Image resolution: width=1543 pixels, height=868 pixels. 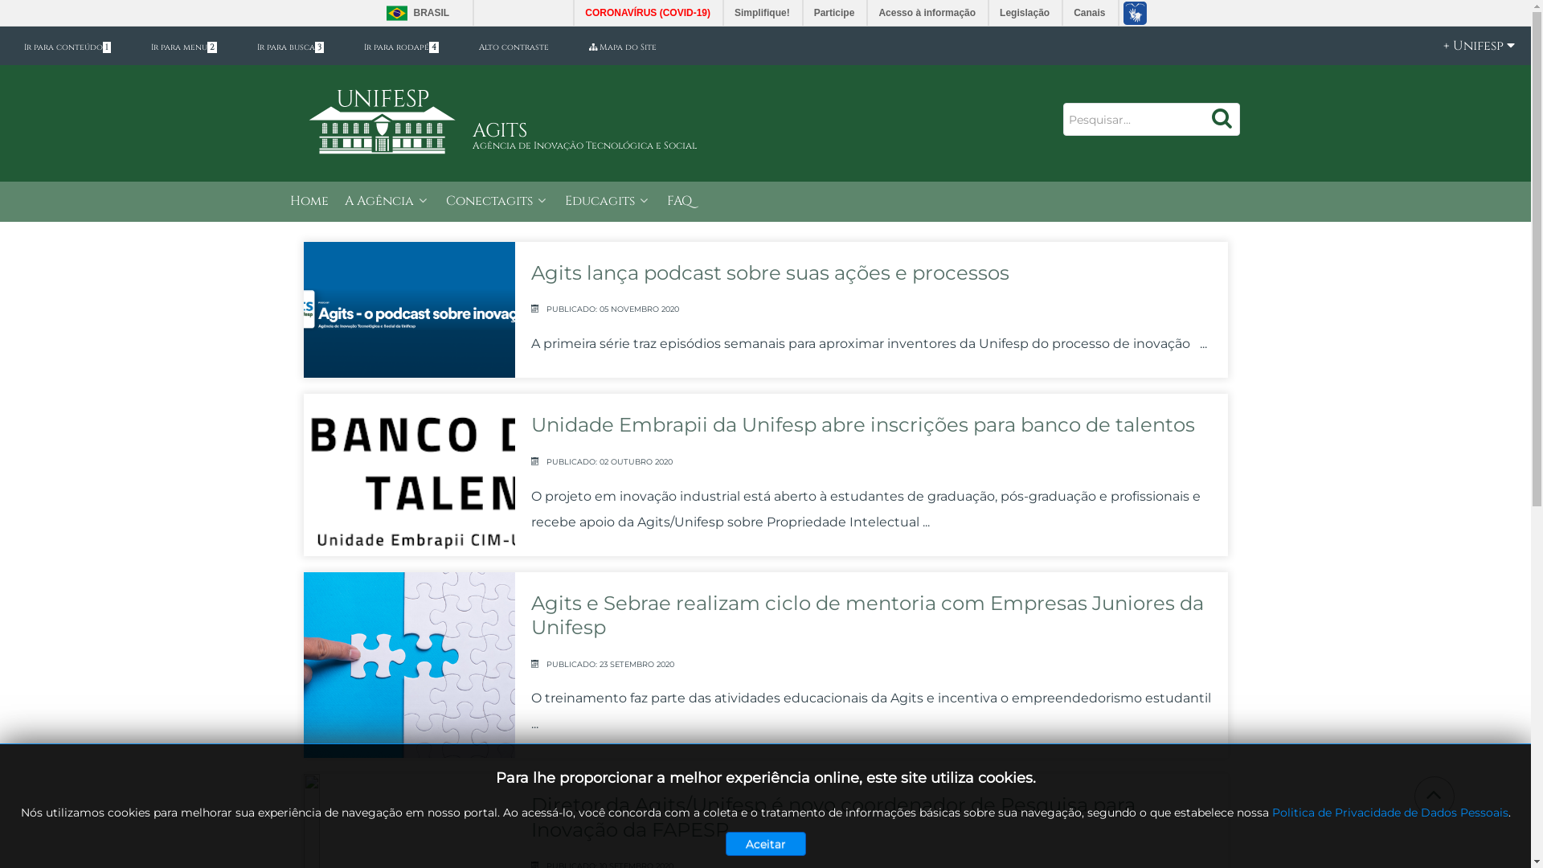 I want to click on 'Mapa do Site', so click(x=621, y=46).